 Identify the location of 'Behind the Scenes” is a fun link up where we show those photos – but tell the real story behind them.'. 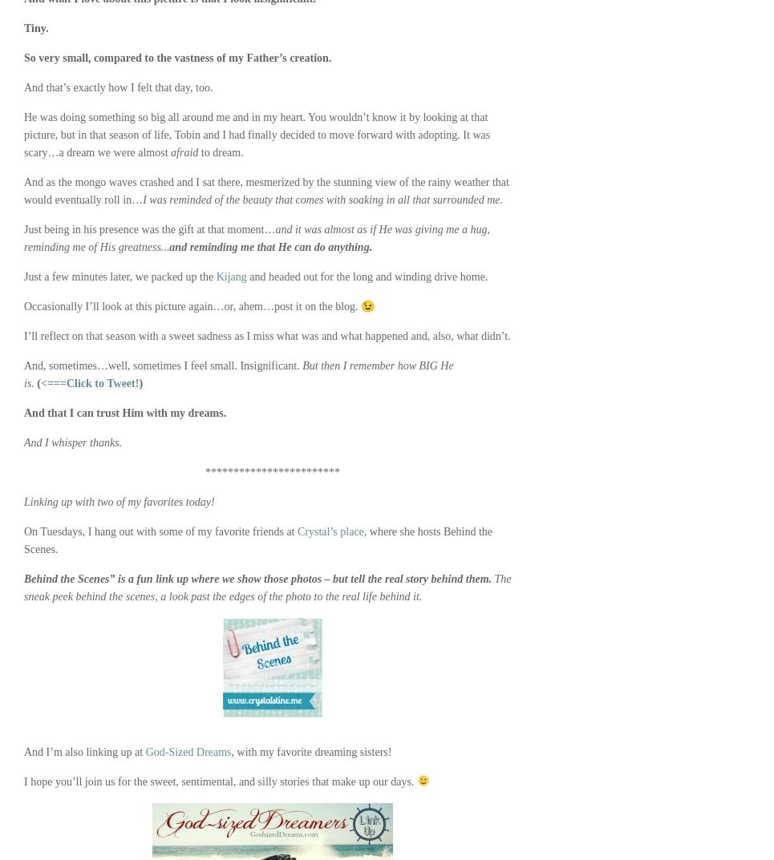
(257, 578).